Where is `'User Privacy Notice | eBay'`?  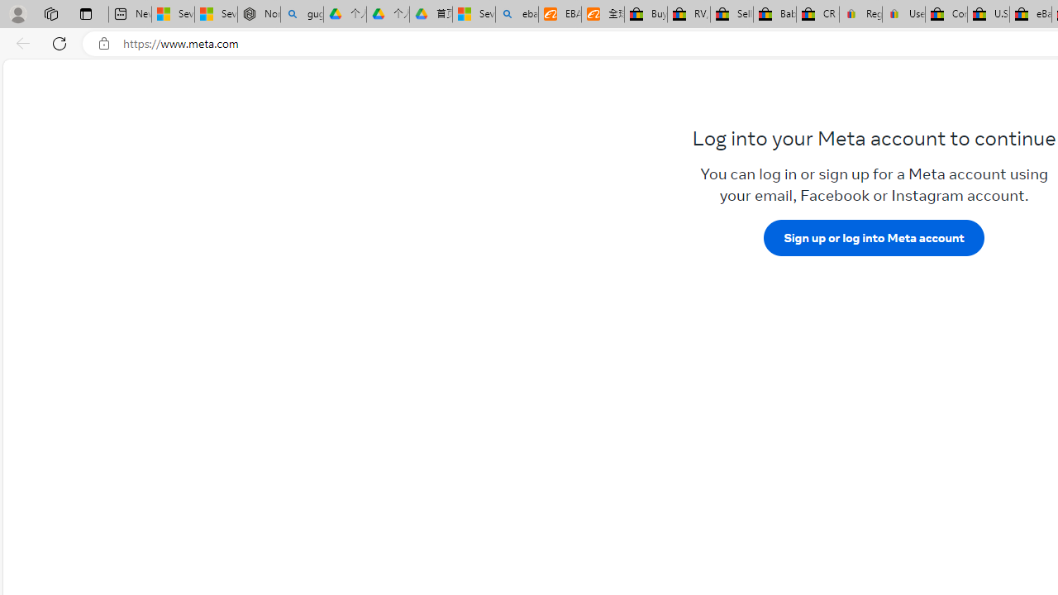
'User Privacy Notice | eBay' is located at coordinates (903, 14).